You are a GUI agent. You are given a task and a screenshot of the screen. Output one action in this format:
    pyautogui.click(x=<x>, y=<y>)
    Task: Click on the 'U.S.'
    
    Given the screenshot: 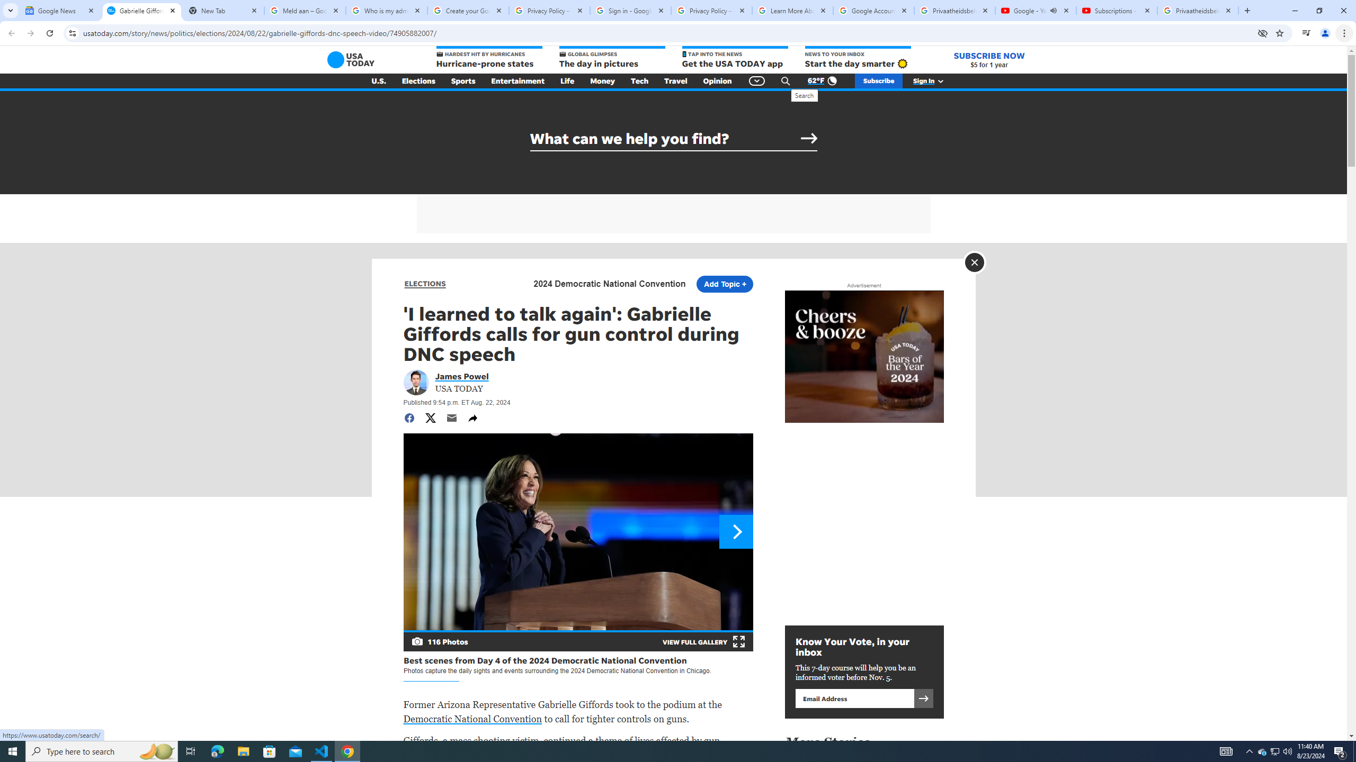 What is the action you would take?
    pyautogui.click(x=378, y=81)
    